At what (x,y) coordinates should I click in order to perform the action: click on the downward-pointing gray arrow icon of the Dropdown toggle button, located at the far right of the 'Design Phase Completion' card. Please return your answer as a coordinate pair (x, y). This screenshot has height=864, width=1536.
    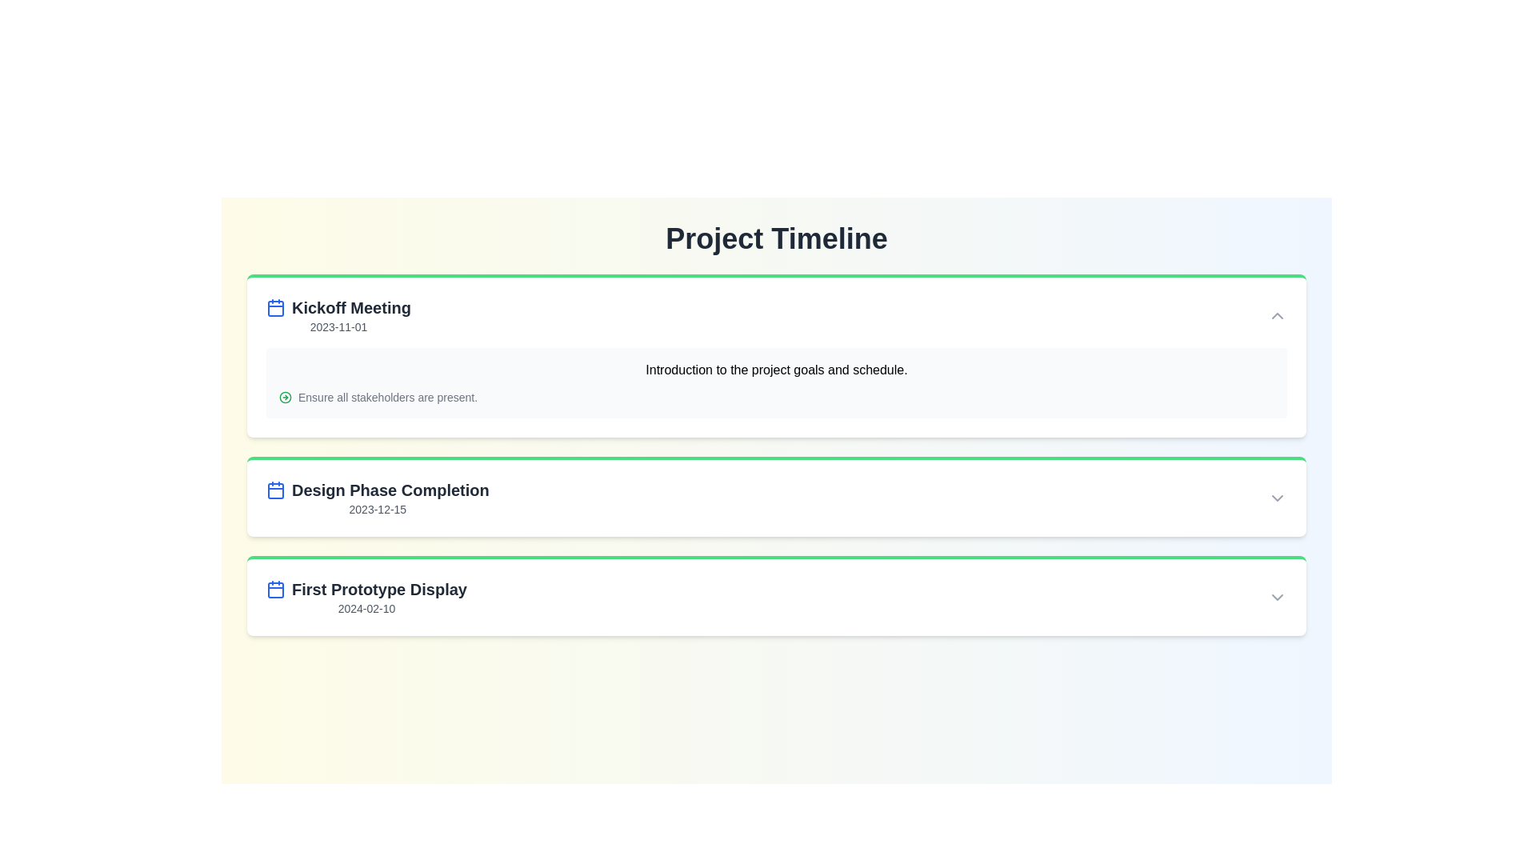
    Looking at the image, I should click on (1277, 498).